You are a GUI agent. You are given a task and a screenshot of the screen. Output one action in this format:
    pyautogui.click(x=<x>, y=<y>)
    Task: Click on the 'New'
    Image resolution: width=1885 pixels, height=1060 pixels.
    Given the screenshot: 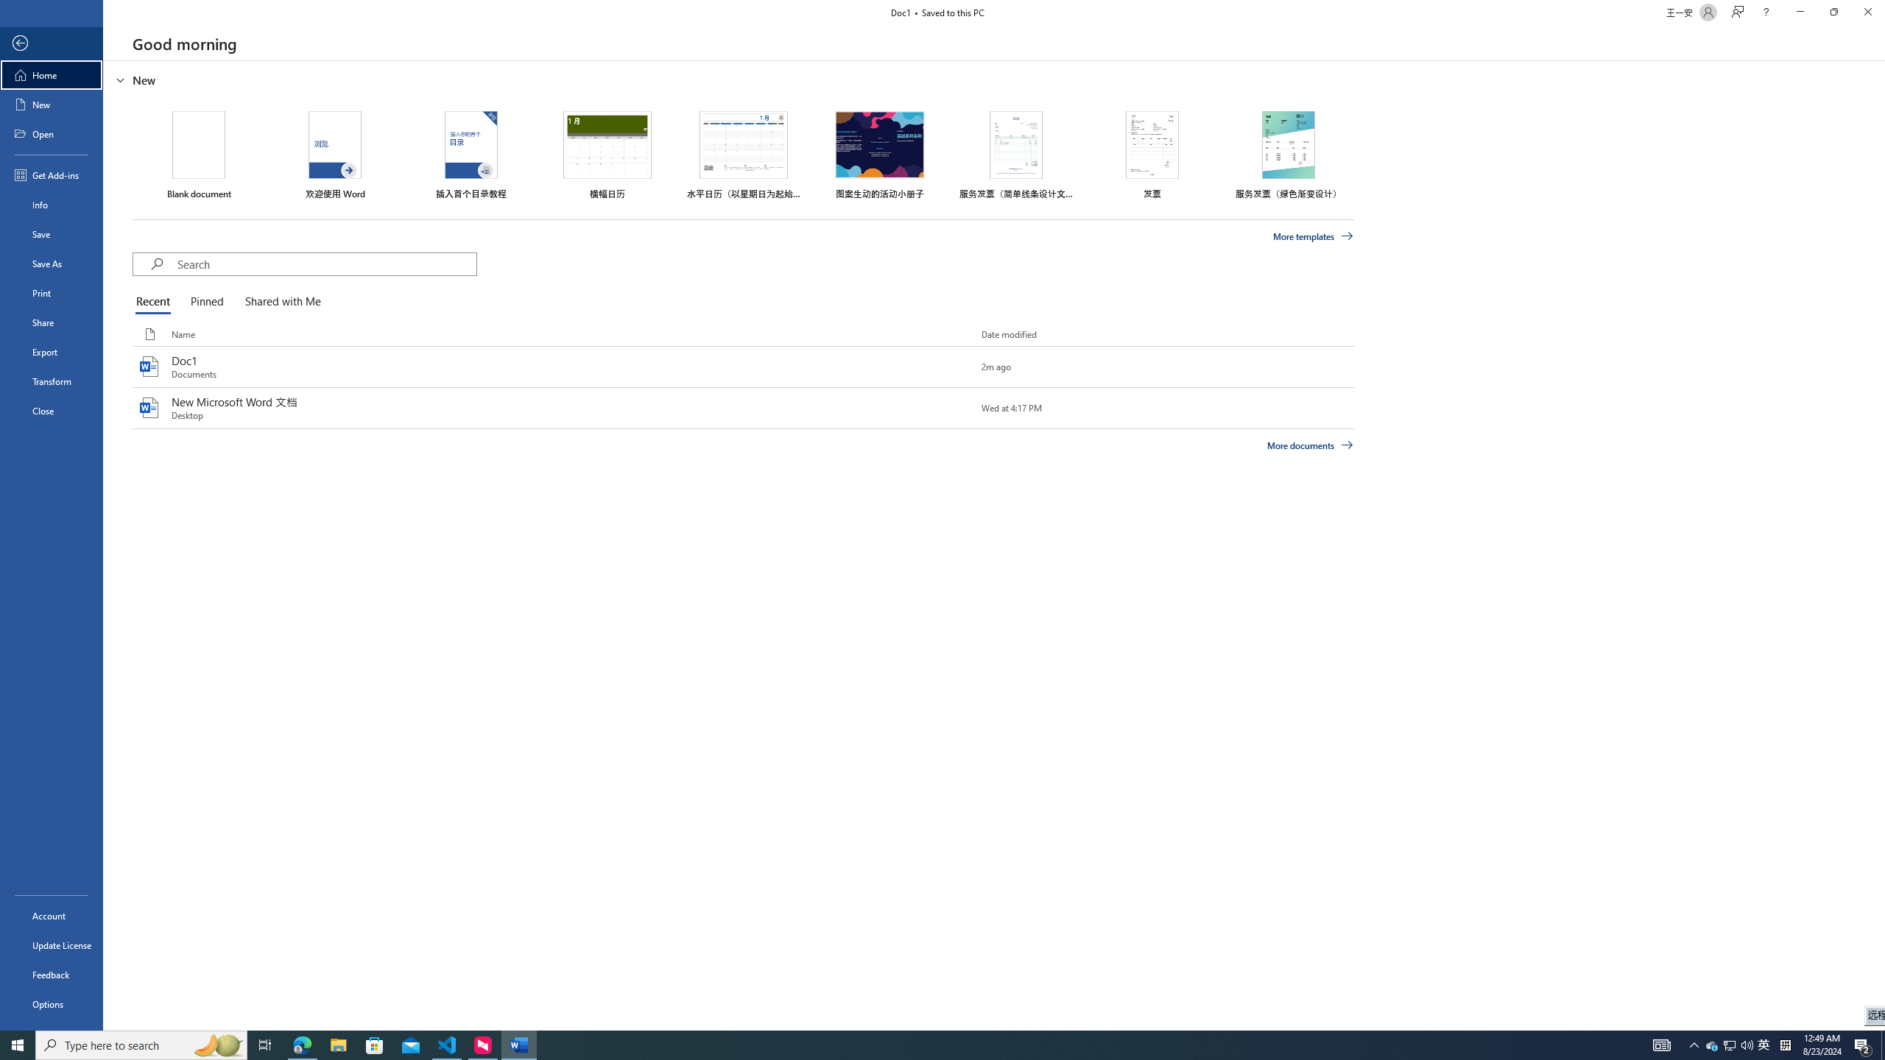 What is the action you would take?
    pyautogui.click(x=51, y=104)
    